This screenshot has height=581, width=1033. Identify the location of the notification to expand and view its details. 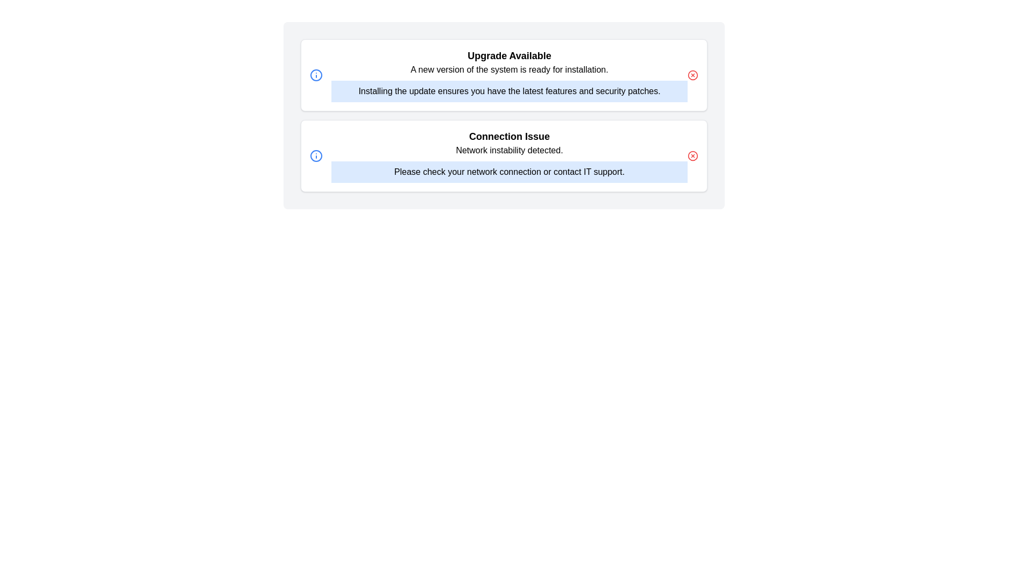
(503, 74).